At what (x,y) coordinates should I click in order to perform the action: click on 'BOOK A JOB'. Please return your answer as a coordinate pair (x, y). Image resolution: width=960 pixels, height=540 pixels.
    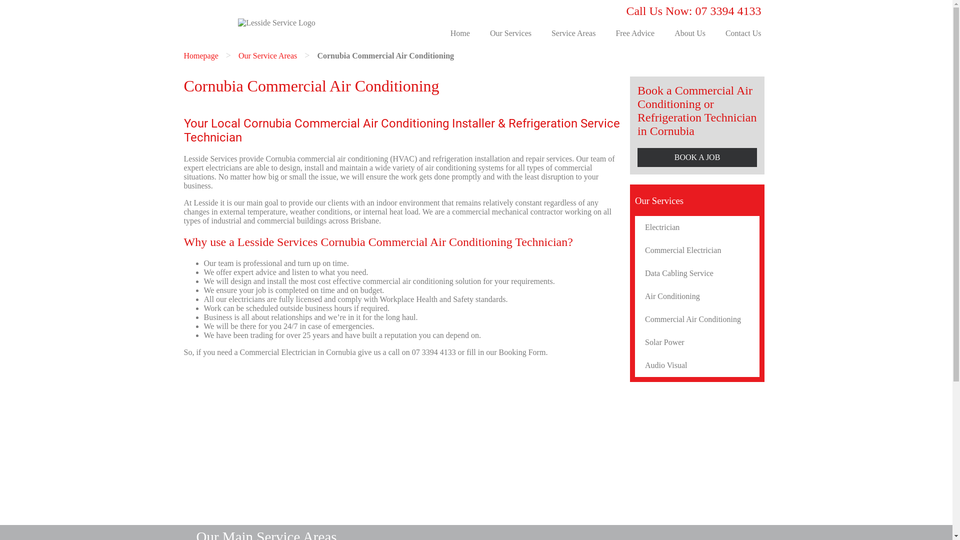
    Looking at the image, I should click on (696, 157).